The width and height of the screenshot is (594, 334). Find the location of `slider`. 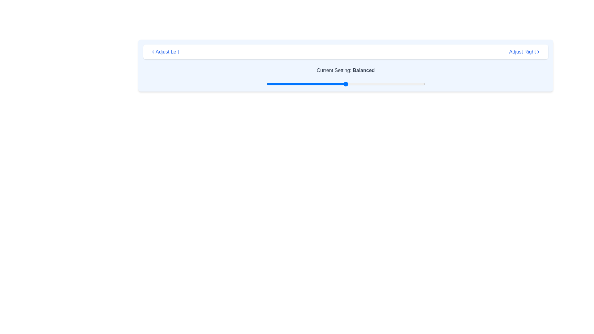

slider is located at coordinates (398, 84).